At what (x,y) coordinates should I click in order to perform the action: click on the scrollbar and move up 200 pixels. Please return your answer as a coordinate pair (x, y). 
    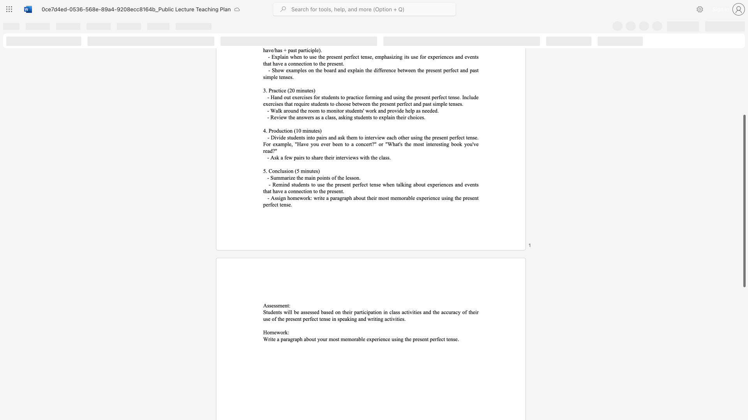
    Looking at the image, I should click on (744, 201).